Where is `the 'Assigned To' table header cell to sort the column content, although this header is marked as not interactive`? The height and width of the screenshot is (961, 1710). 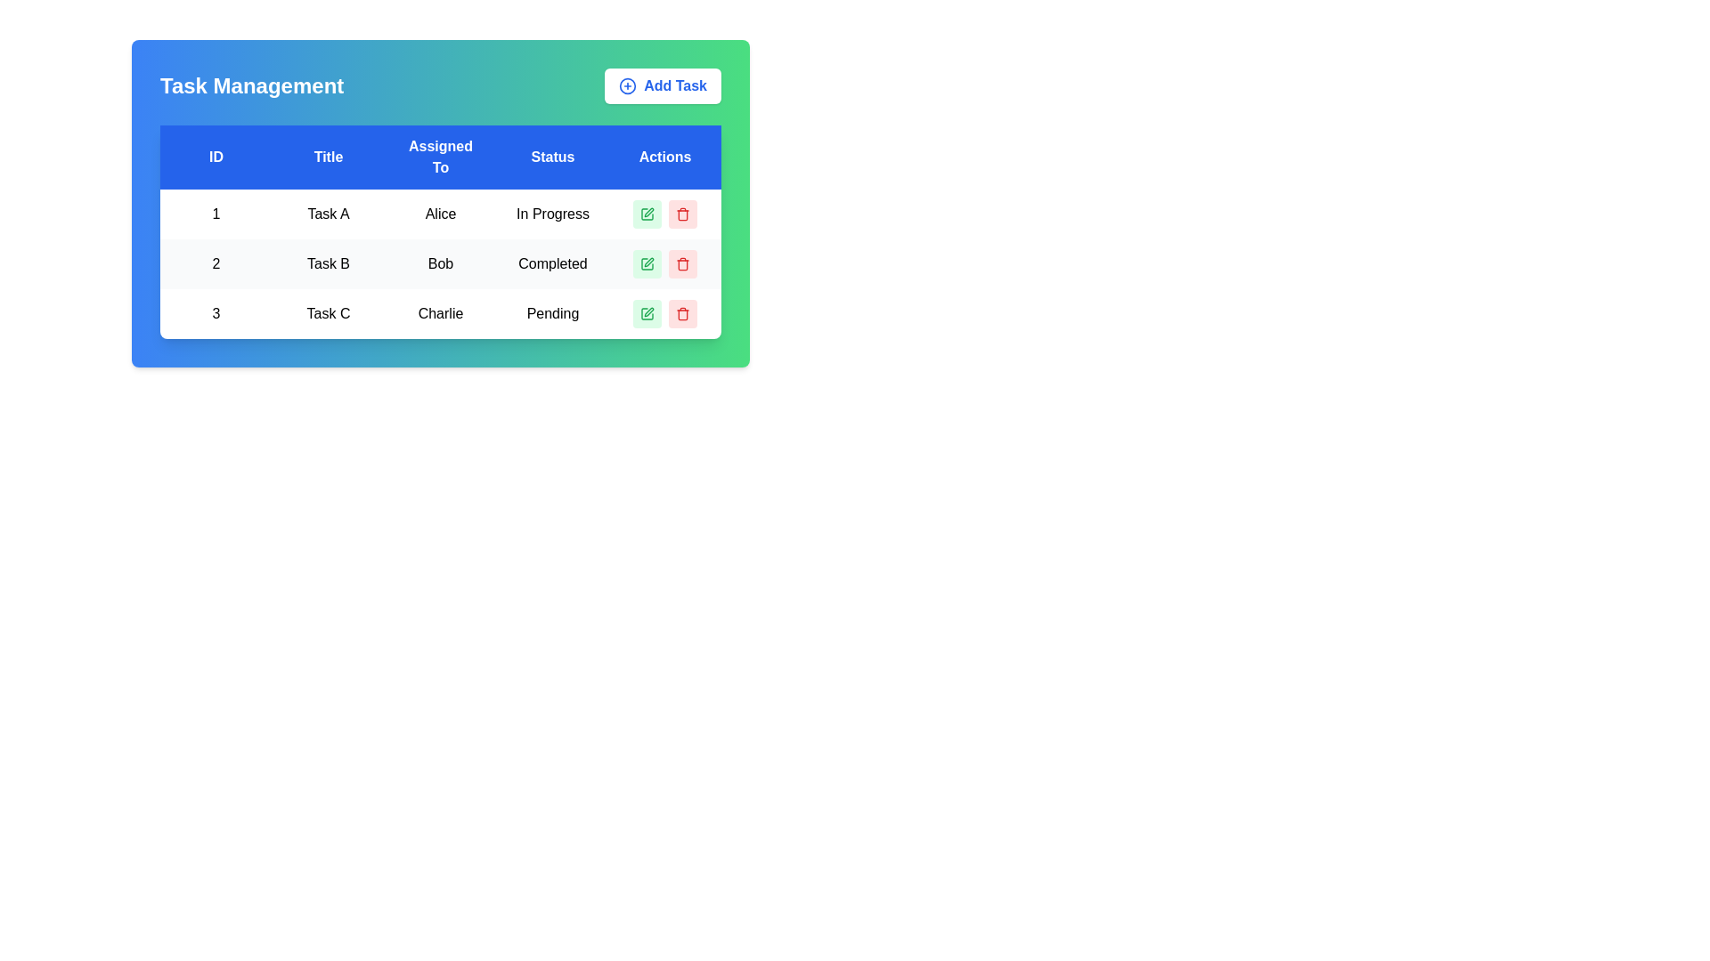 the 'Assigned To' table header cell to sort the column content, although this header is marked as not interactive is located at coordinates (440, 157).